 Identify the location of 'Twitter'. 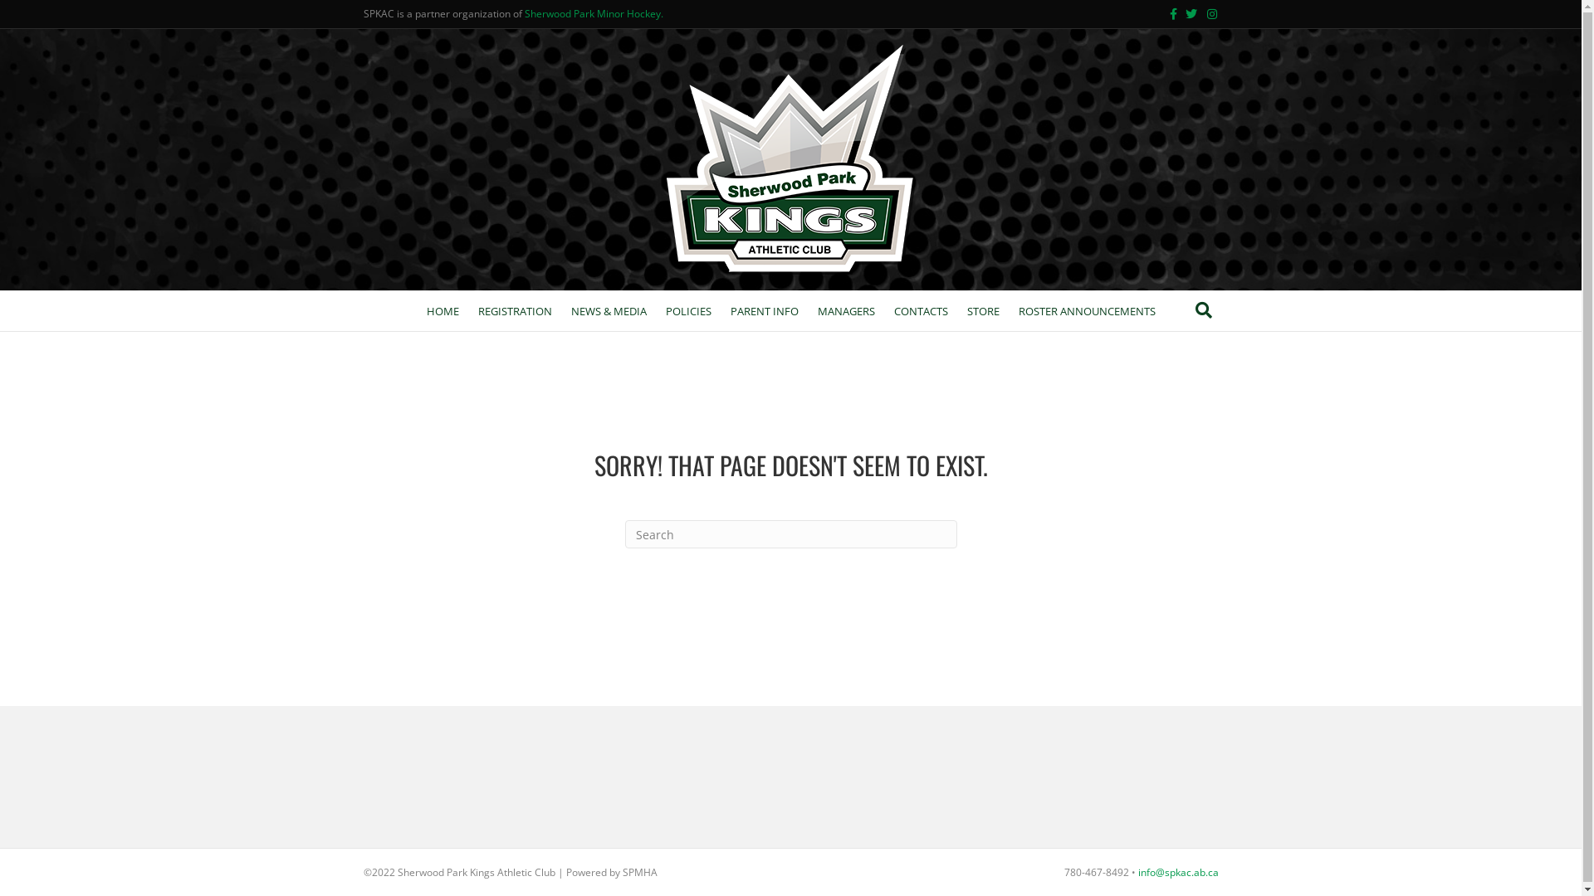
(1186, 12).